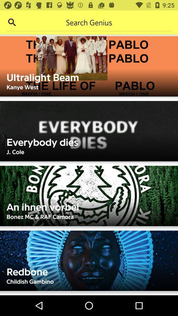 The height and width of the screenshot is (316, 178). Describe the element at coordinates (12, 22) in the screenshot. I see `search site` at that location.